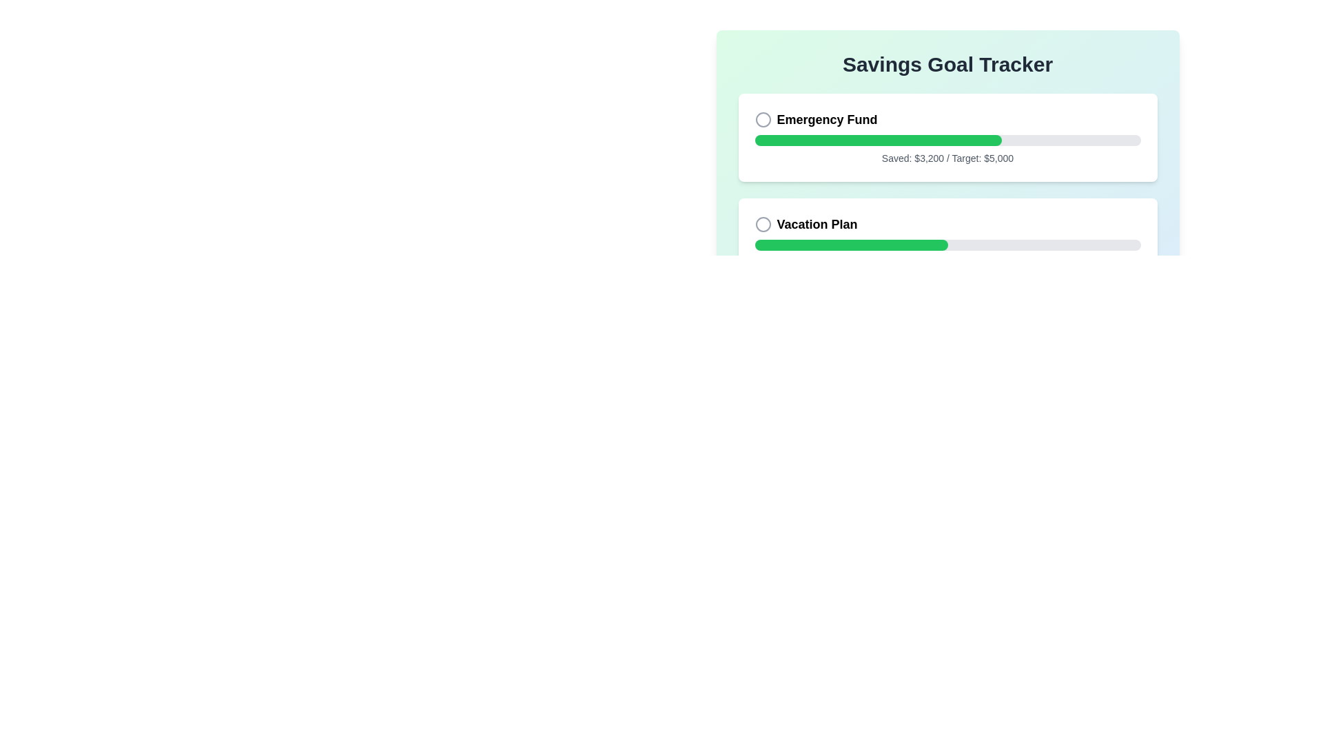  I want to click on the circular icon with a hollow outline and thin border located to the left of the 'Emergency Fund' text, so click(762, 118).